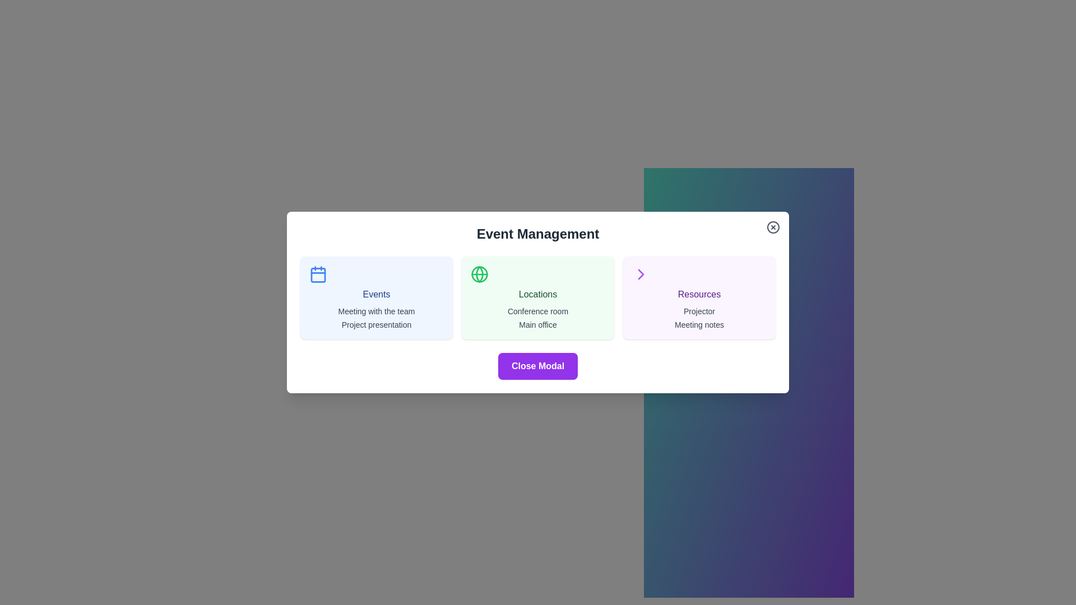 This screenshot has height=605, width=1076. I want to click on the text element displaying 'Meeting with the team' and 'Project presentation' within the blue-tinted 'Events' card, so click(377, 318).